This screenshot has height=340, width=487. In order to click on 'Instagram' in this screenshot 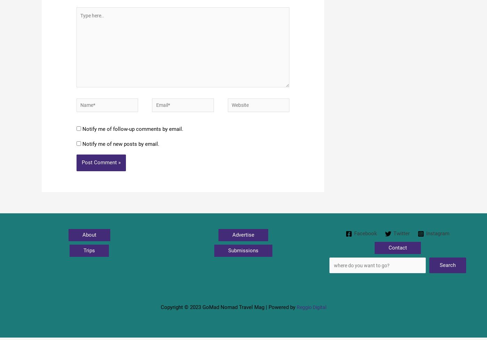, I will do `click(438, 240)`.